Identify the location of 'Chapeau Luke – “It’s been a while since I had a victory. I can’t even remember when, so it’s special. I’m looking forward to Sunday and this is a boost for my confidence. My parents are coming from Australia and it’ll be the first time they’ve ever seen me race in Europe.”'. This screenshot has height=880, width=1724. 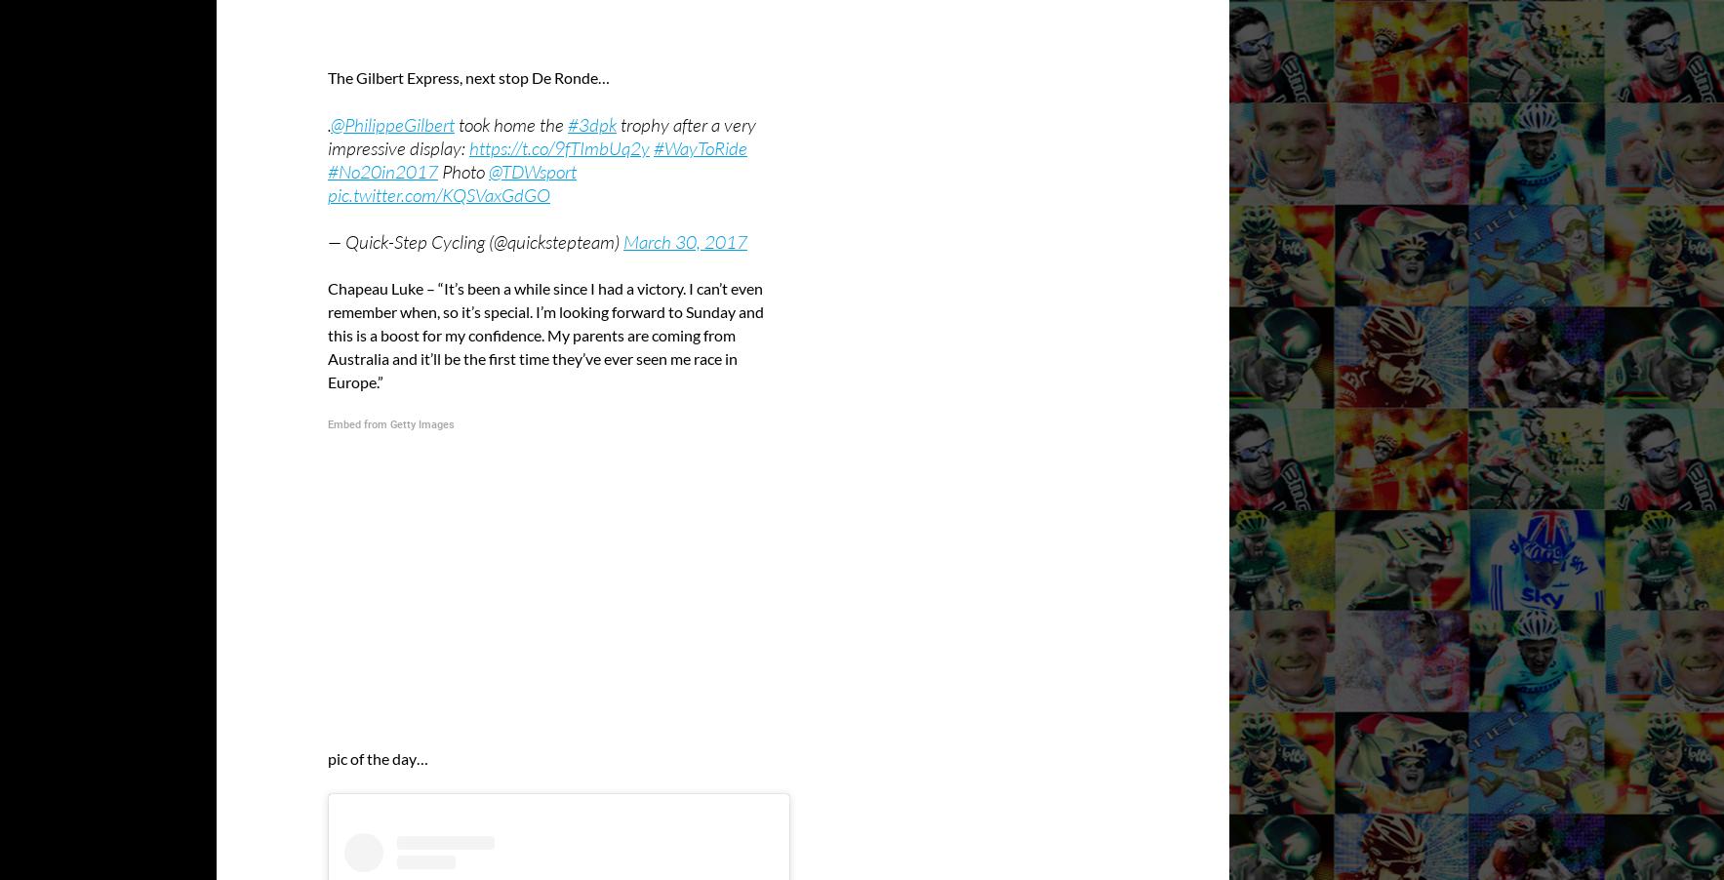
(545, 333).